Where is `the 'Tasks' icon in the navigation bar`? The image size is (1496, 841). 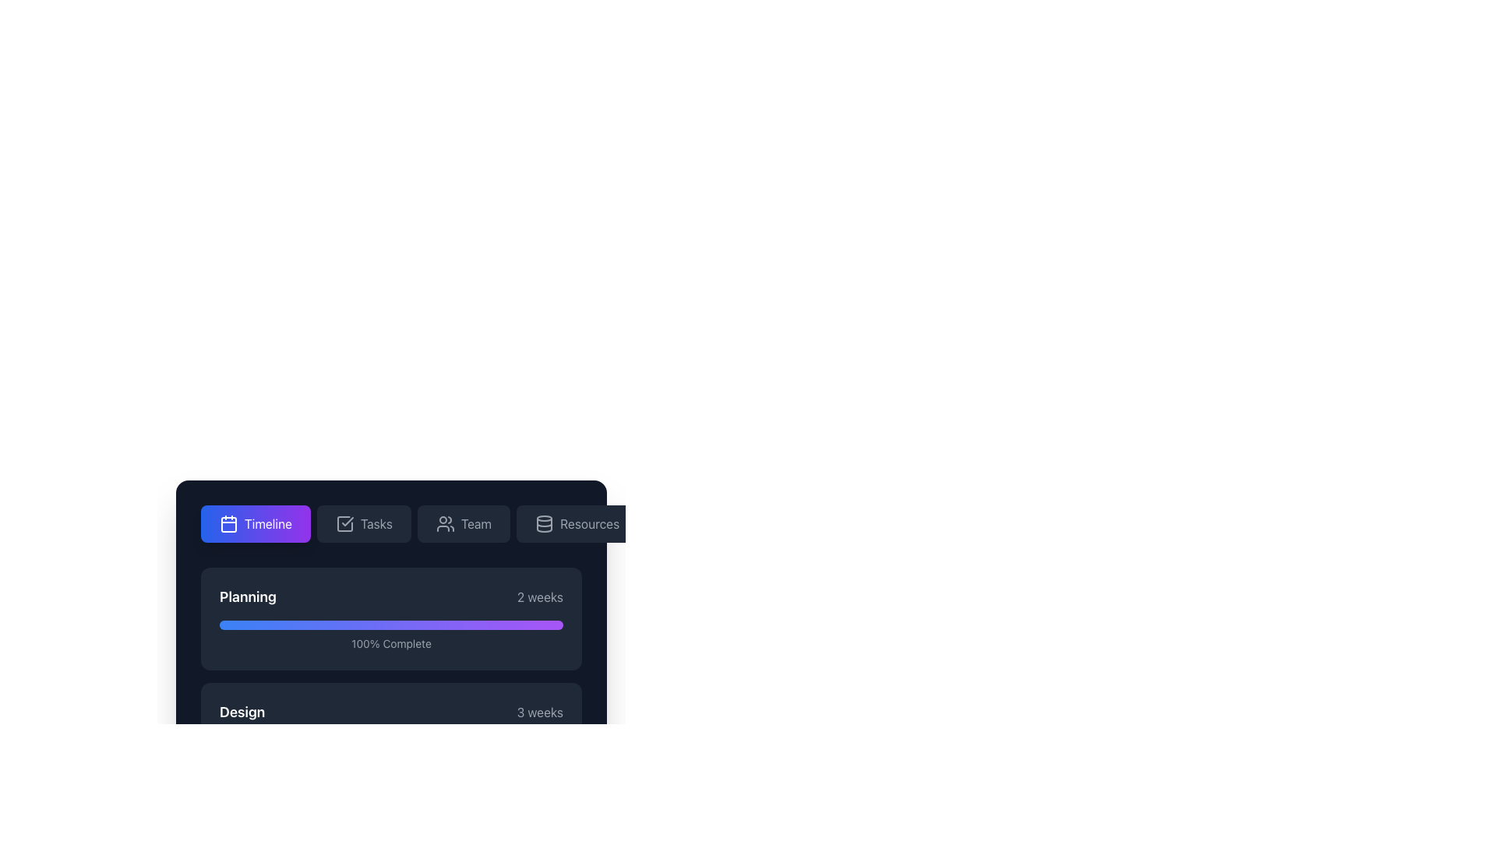
the 'Tasks' icon in the navigation bar is located at coordinates (344, 523).